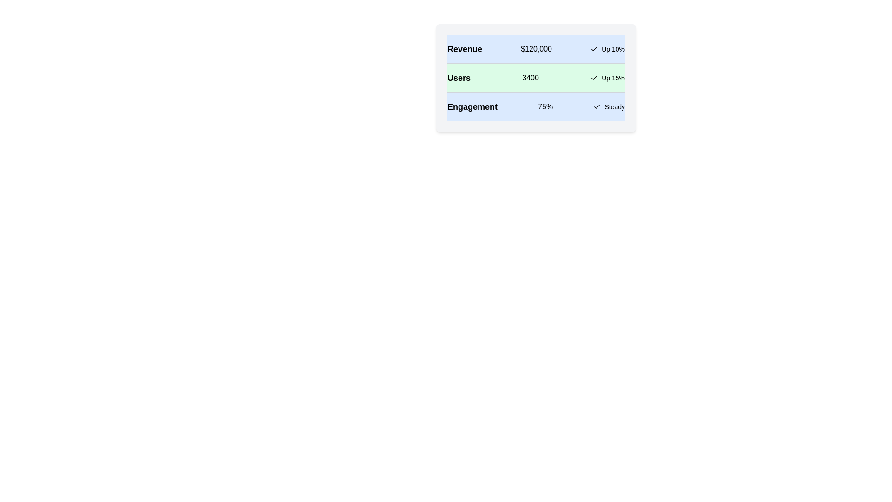 Image resolution: width=892 pixels, height=502 pixels. Describe the element at coordinates (459, 78) in the screenshot. I see `the text element Users for copying` at that location.